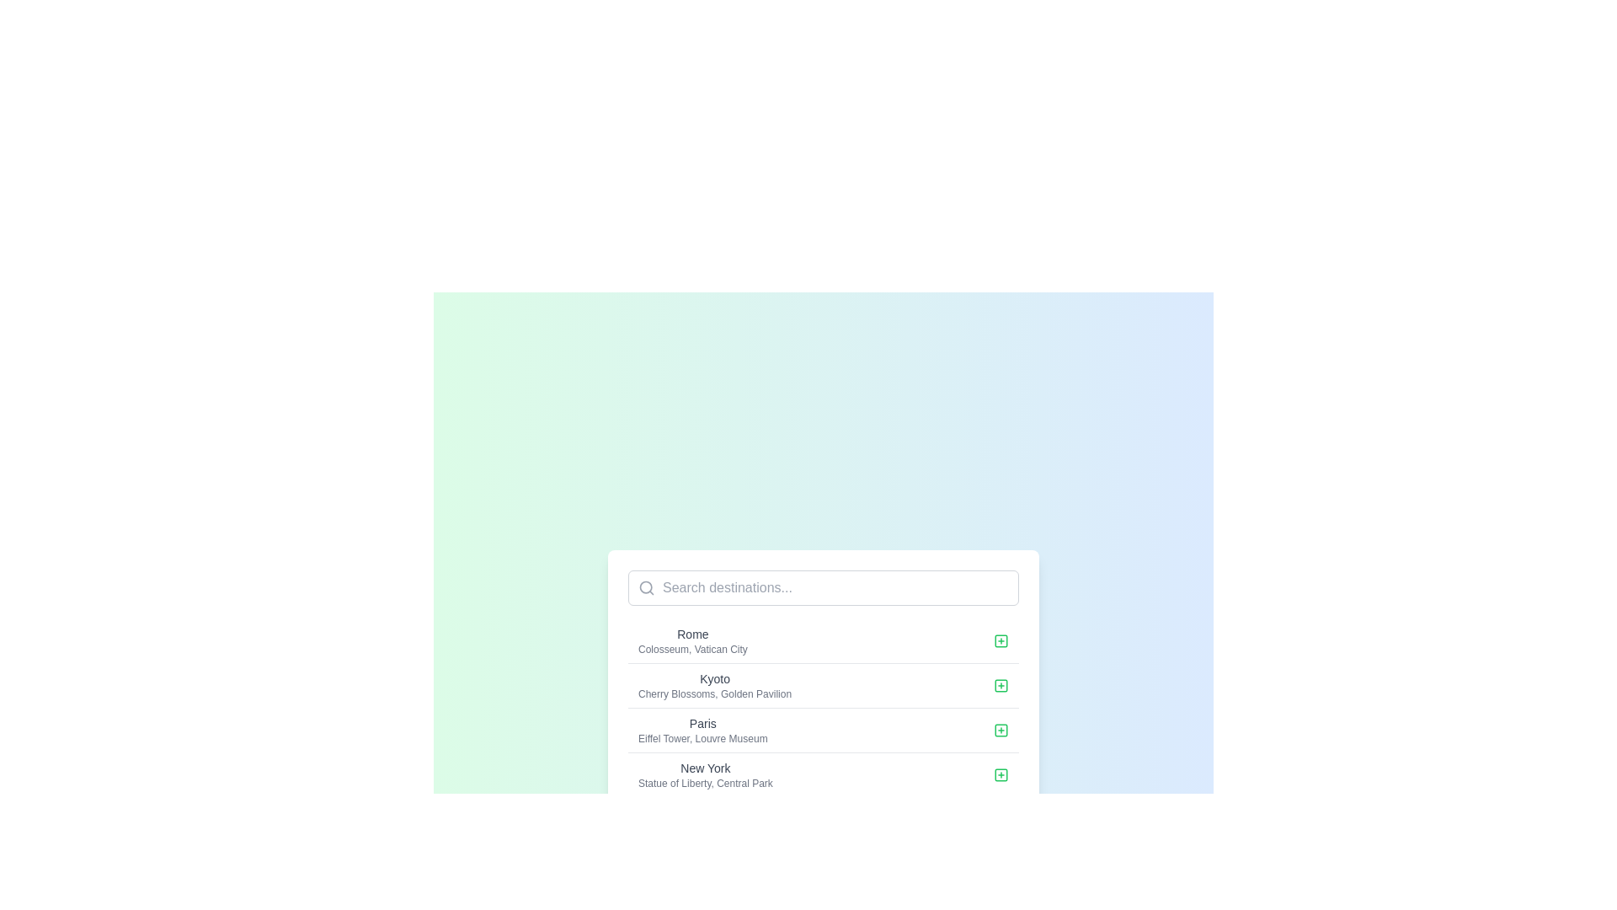 The width and height of the screenshot is (1617, 910). Describe the element at coordinates (1001, 685) in the screenshot. I see `the green SVG icon button with a plus sign, located to the right of the text 'Kyoto' and 'Cherry Blossoms, Golden Pavilion'` at that location.